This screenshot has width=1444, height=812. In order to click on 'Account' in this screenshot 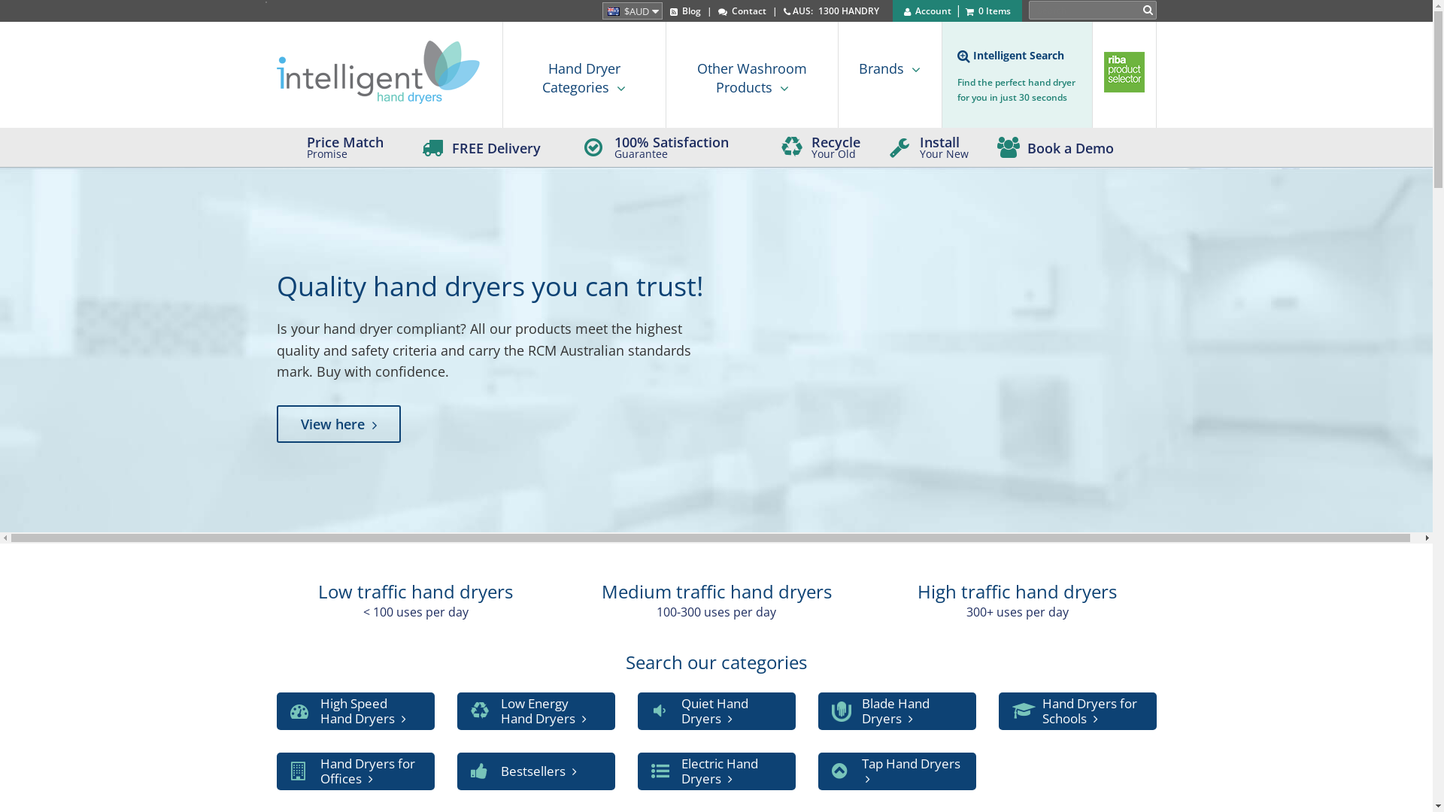, I will do `click(902, 11)`.